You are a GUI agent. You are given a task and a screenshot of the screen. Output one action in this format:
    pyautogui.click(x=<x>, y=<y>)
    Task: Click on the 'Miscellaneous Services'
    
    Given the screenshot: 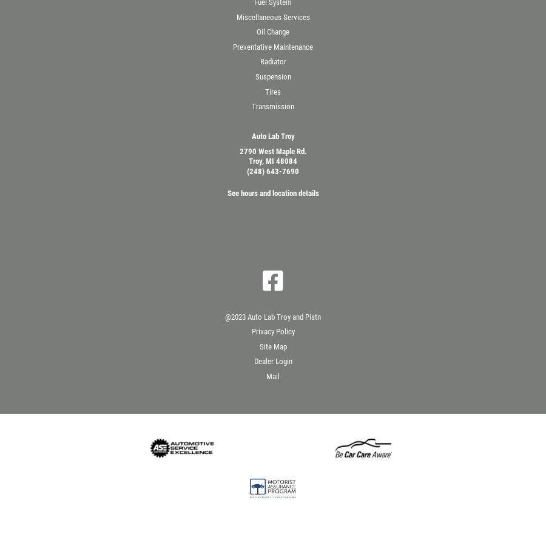 What is the action you would take?
    pyautogui.click(x=272, y=16)
    